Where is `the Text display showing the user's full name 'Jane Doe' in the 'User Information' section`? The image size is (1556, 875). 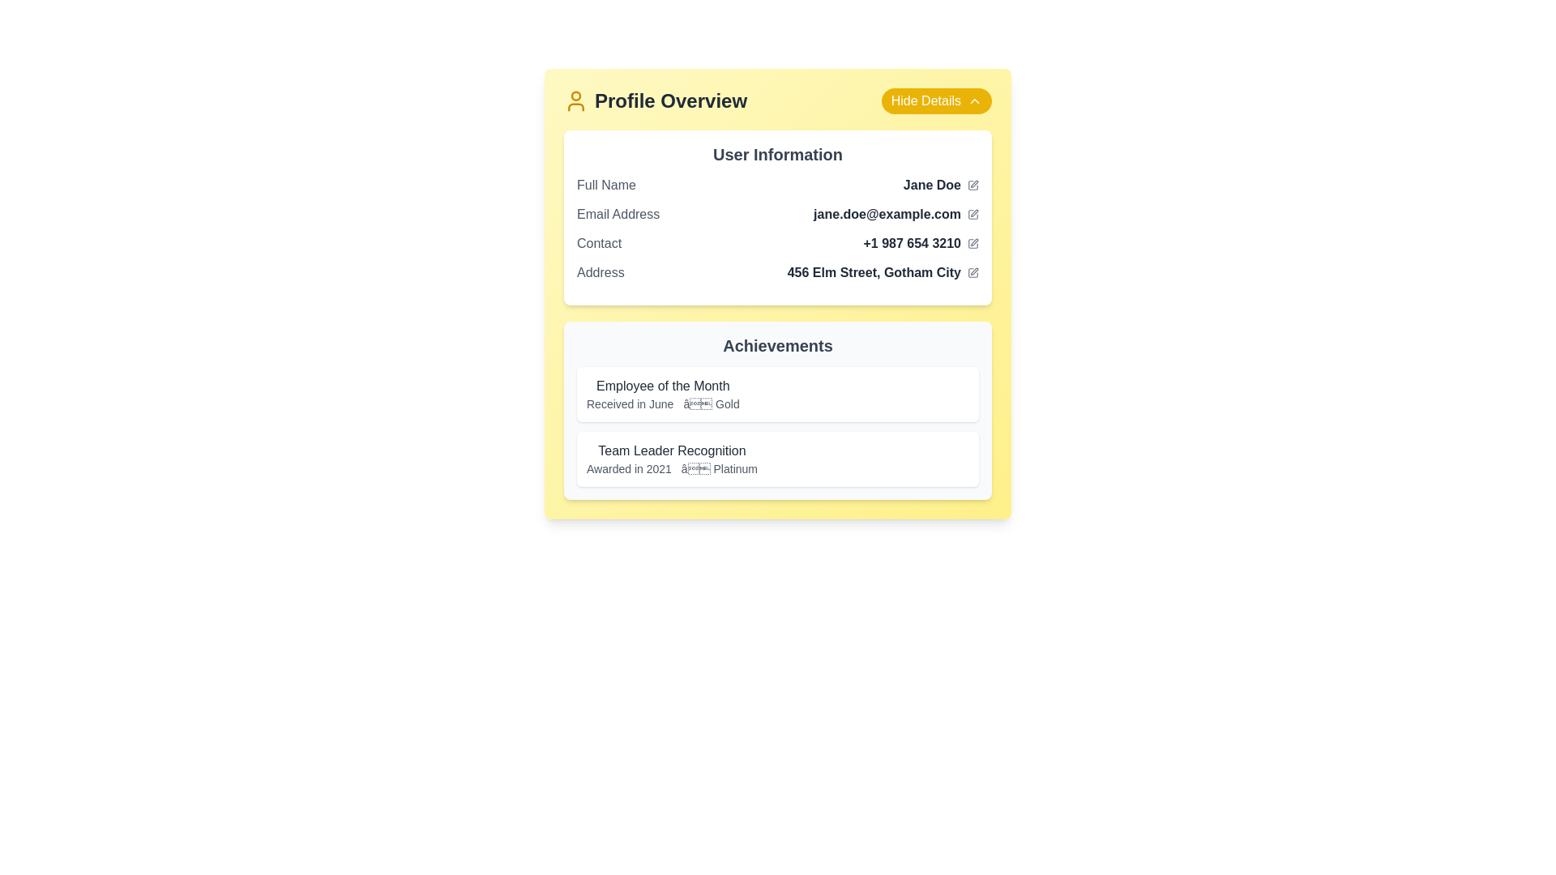 the Text display showing the user's full name 'Jane Doe' in the 'User Information' section is located at coordinates (941, 184).